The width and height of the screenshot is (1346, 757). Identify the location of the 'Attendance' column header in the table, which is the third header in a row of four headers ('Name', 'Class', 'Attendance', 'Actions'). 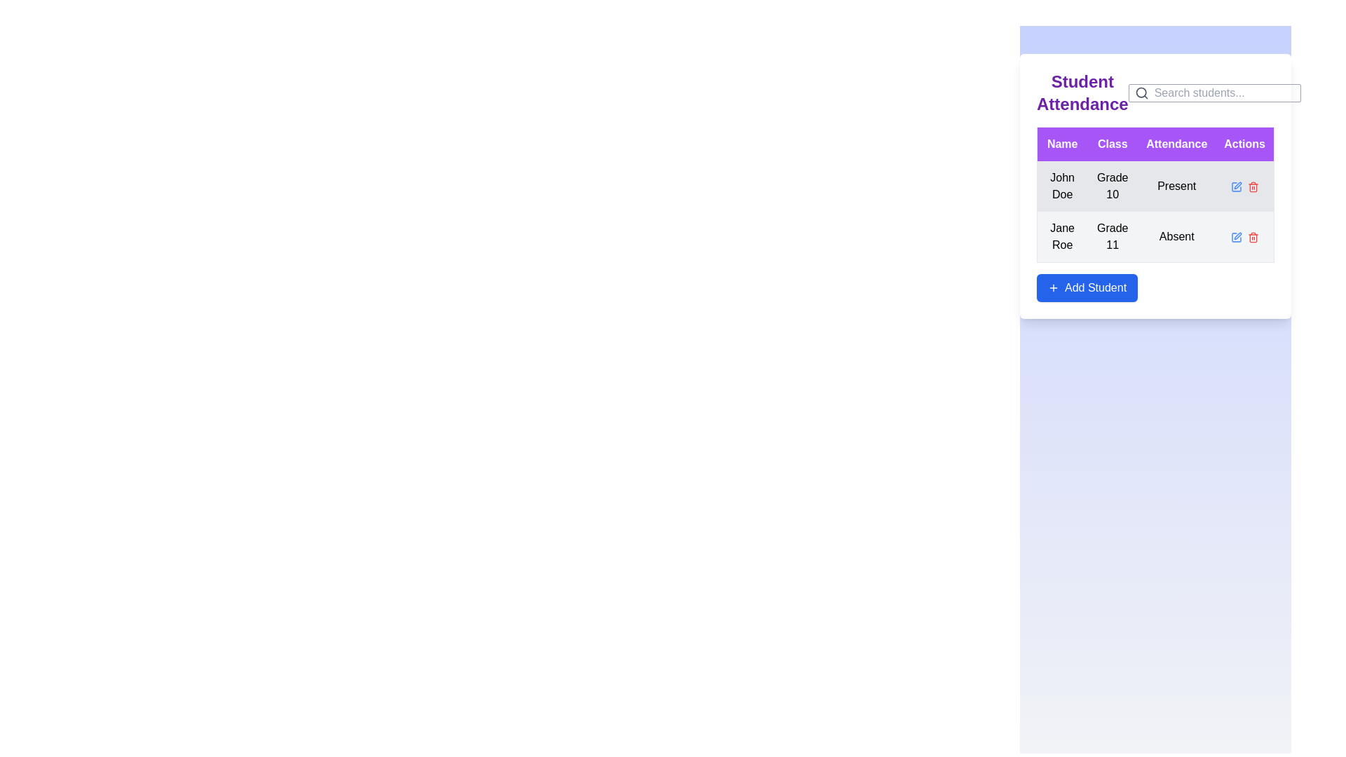
(1176, 144).